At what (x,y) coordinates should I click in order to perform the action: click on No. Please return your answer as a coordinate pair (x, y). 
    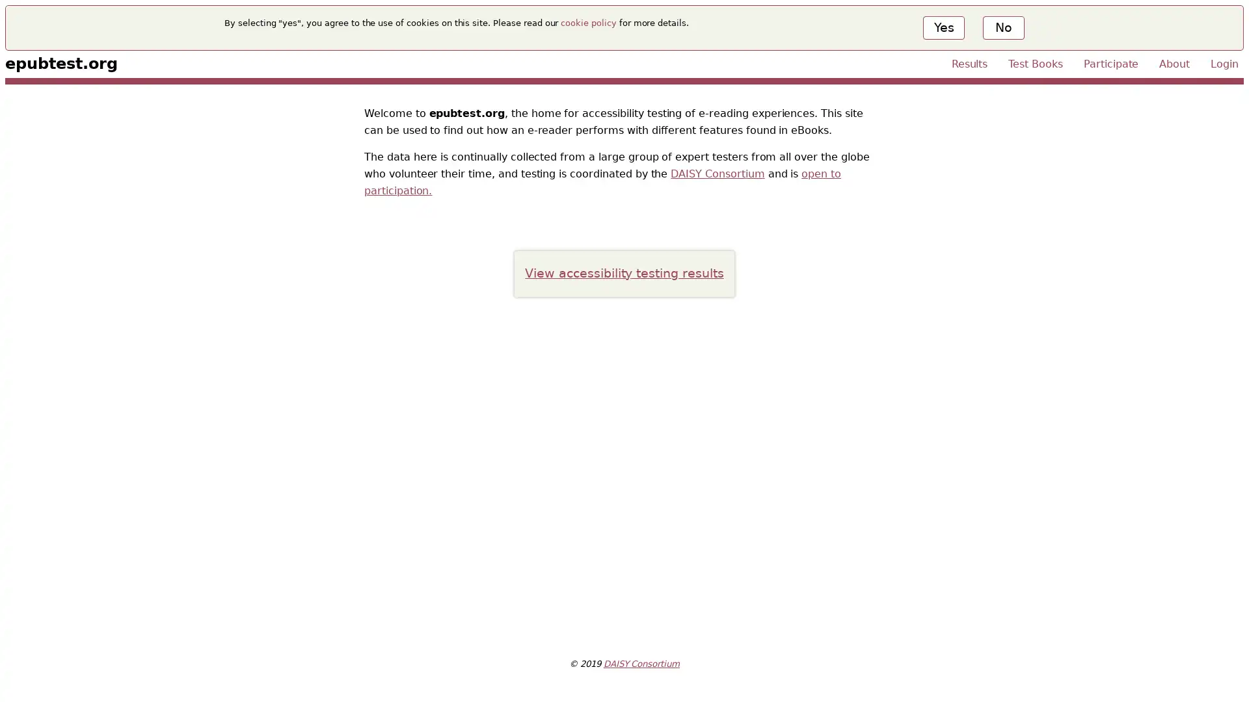
    Looking at the image, I should click on (1002, 27).